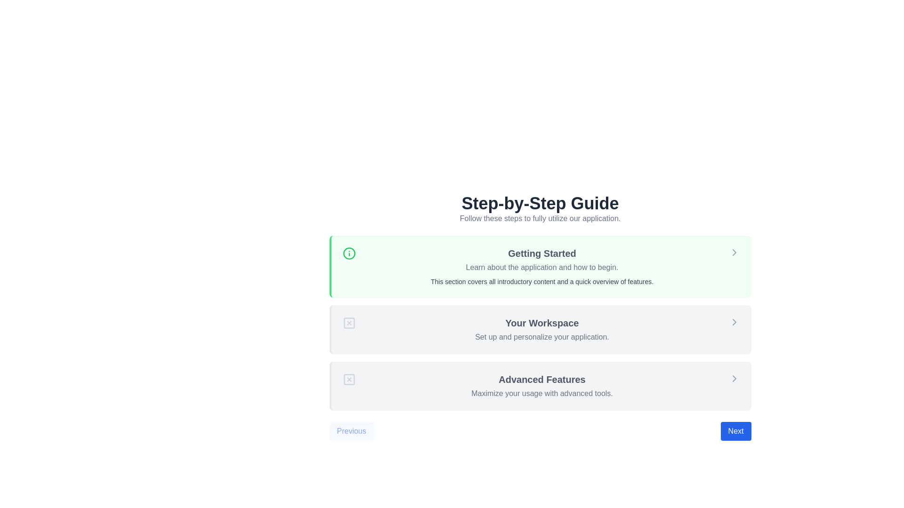 The image size is (904, 508). I want to click on informational text component located in the green section titled 'Getting Started', positioned below the text 'Learn about the application and how to begin.', so click(542, 281).